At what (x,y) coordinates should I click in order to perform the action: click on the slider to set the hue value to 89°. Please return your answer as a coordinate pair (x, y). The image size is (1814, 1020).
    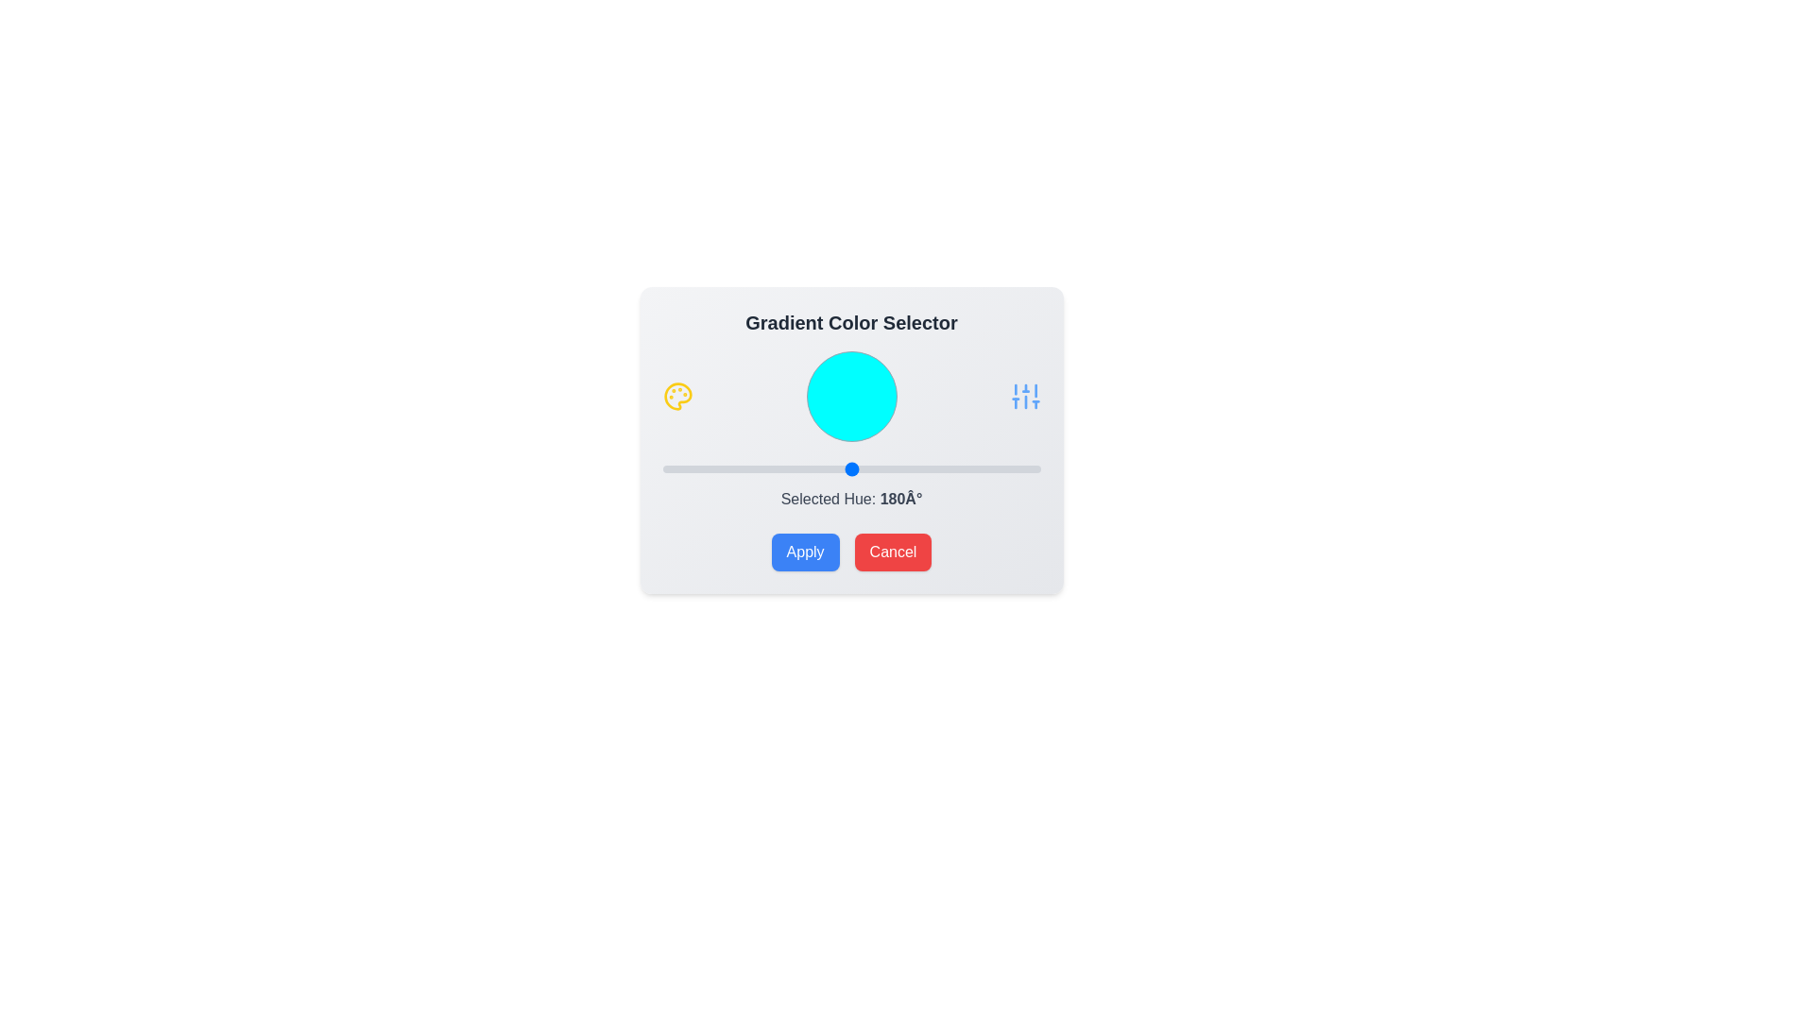
    Looking at the image, I should click on (756, 468).